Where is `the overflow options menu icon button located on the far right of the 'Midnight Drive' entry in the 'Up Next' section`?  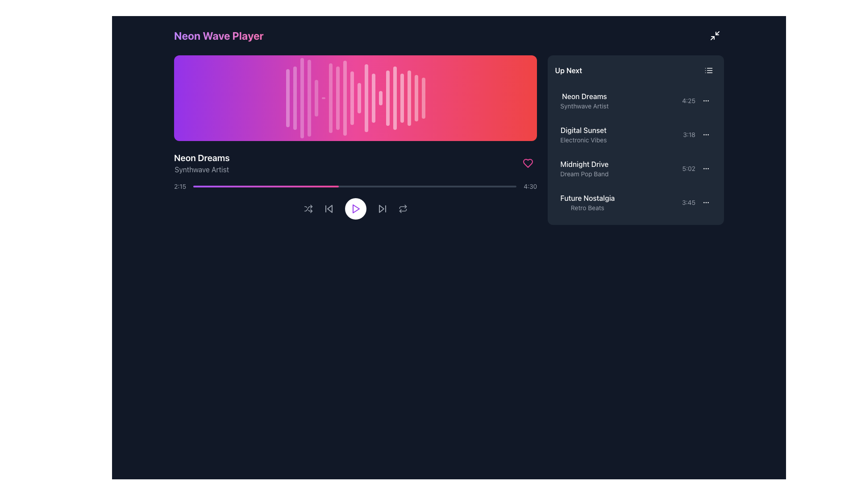
the overflow options menu icon button located on the far right of the 'Midnight Drive' entry in the 'Up Next' section is located at coordinates (705, 169).